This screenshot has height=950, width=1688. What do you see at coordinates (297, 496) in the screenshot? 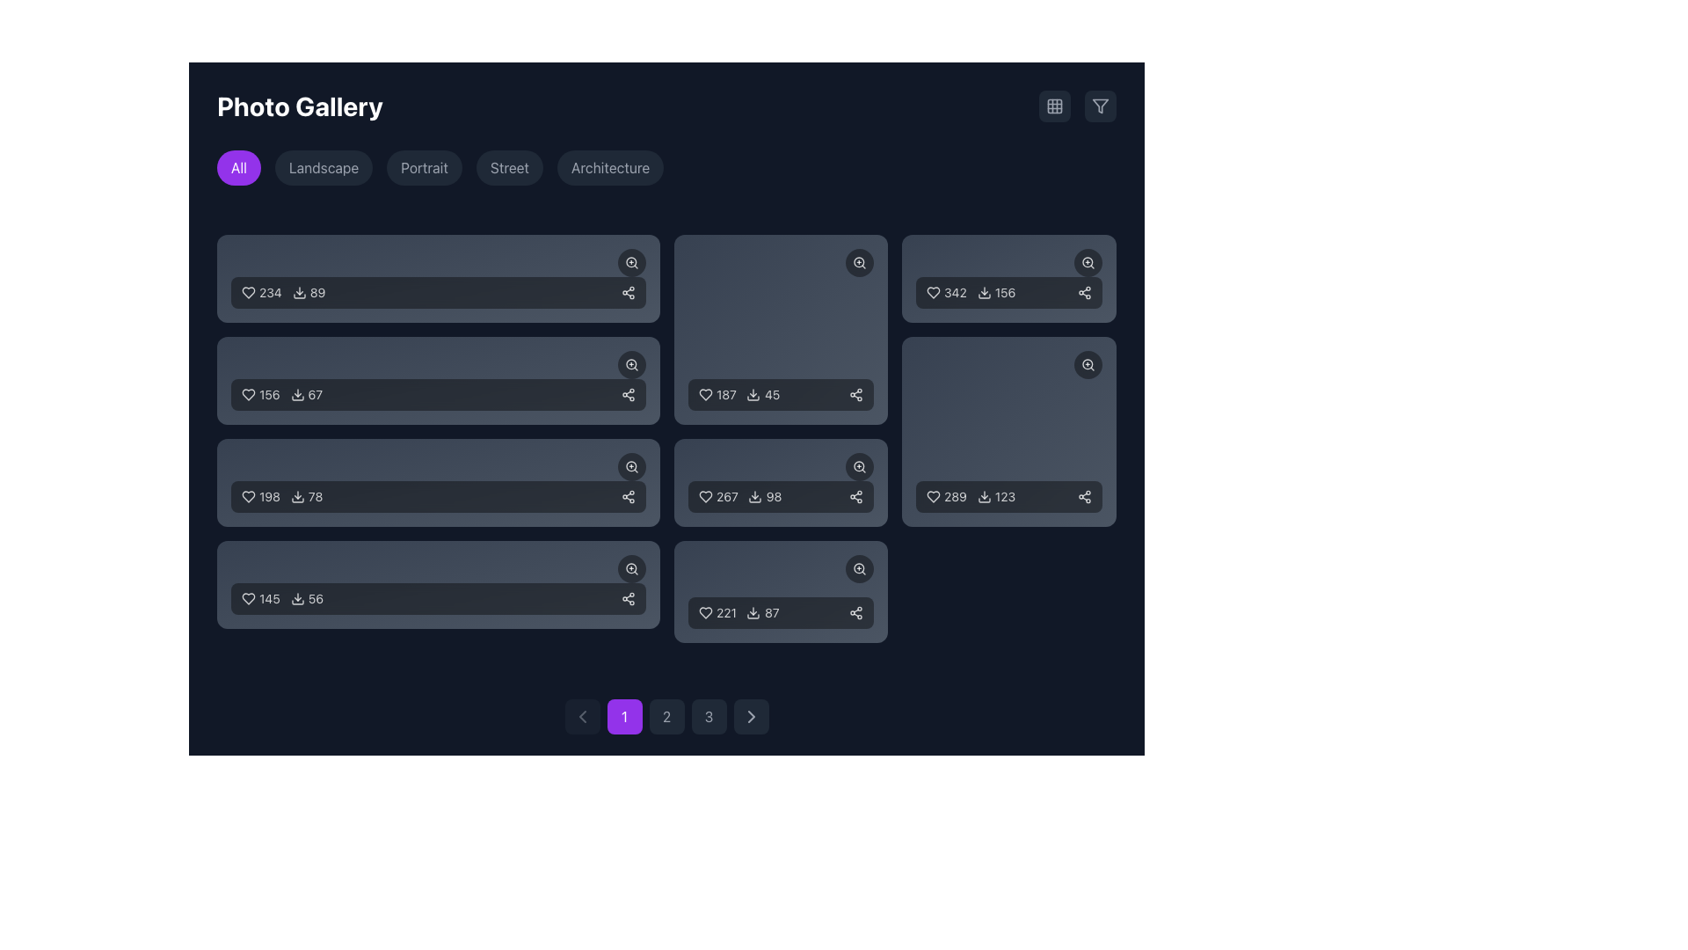
I see `the download icon, which is a small SVG icon resembling a download with a downward arrow pointing into an open box, located in the third row of the gallery entry blocks, to the left of the numerical text '78'` at bounding box center [297, 496].